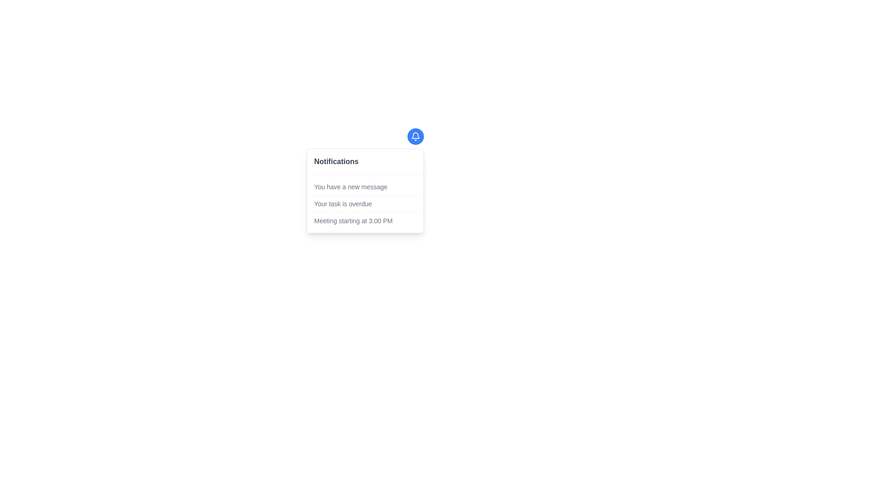  I want to click on the second notification informing the user of an overdue task, which is part of the notification system and is positioned between two other notifications, so click(364, 203).